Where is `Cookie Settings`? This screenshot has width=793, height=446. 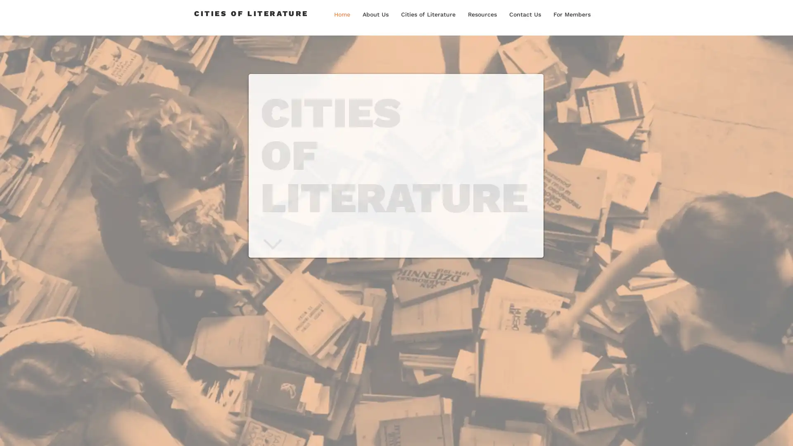 Cookie Settings is located at coordinates (703, 431).